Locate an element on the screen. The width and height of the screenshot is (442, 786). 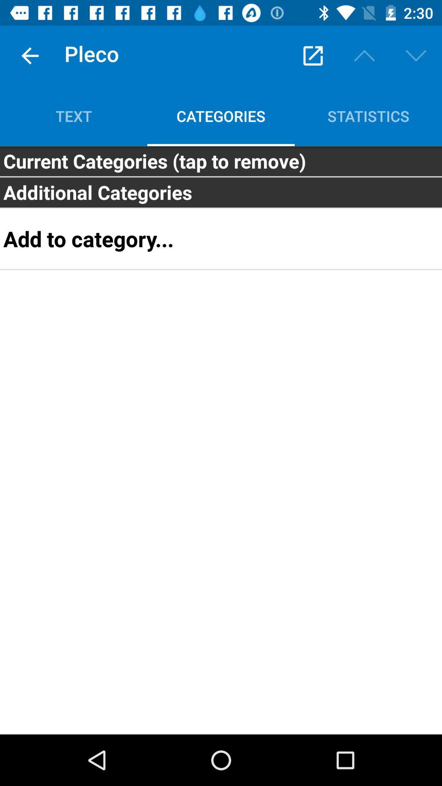
the item below text item is located at coordinates (221, 161).